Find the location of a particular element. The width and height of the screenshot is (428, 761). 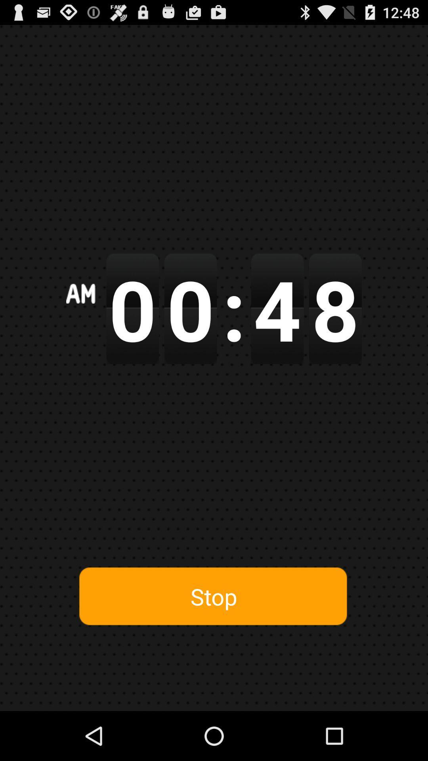

stop is located at coordinates (213, 597).